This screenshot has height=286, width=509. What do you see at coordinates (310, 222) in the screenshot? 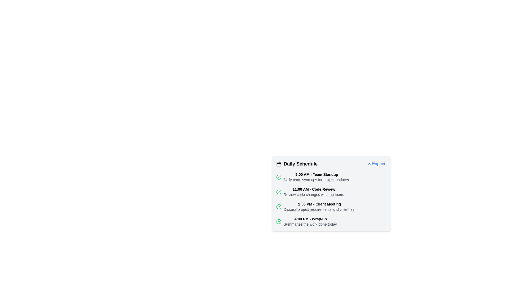
I see `textual content of the two-line text block that reads '4:00 PM - Wrap-up' and 'Summarize the work done today.' located at the bottom of the 'Daily Schedule' card` at bounding box center [310, 222].